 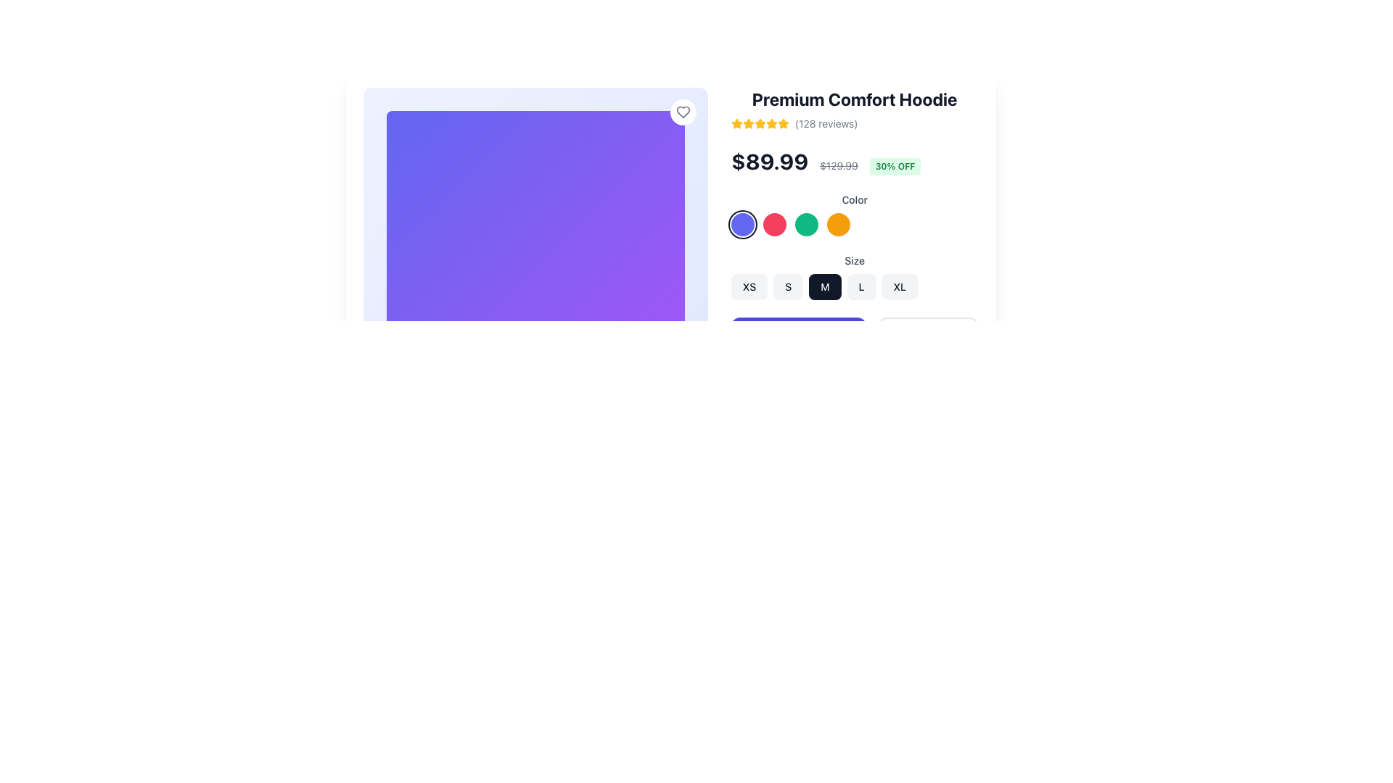 I want to click on the 'XL' size selection button located in the size selection section below the color options, so click(x=899, y=287).